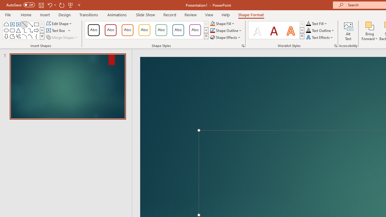  What do you see at coordinates (59, 23) in the screenshot?
I see `'Edit Shape'` at bounding box center [59, 23].